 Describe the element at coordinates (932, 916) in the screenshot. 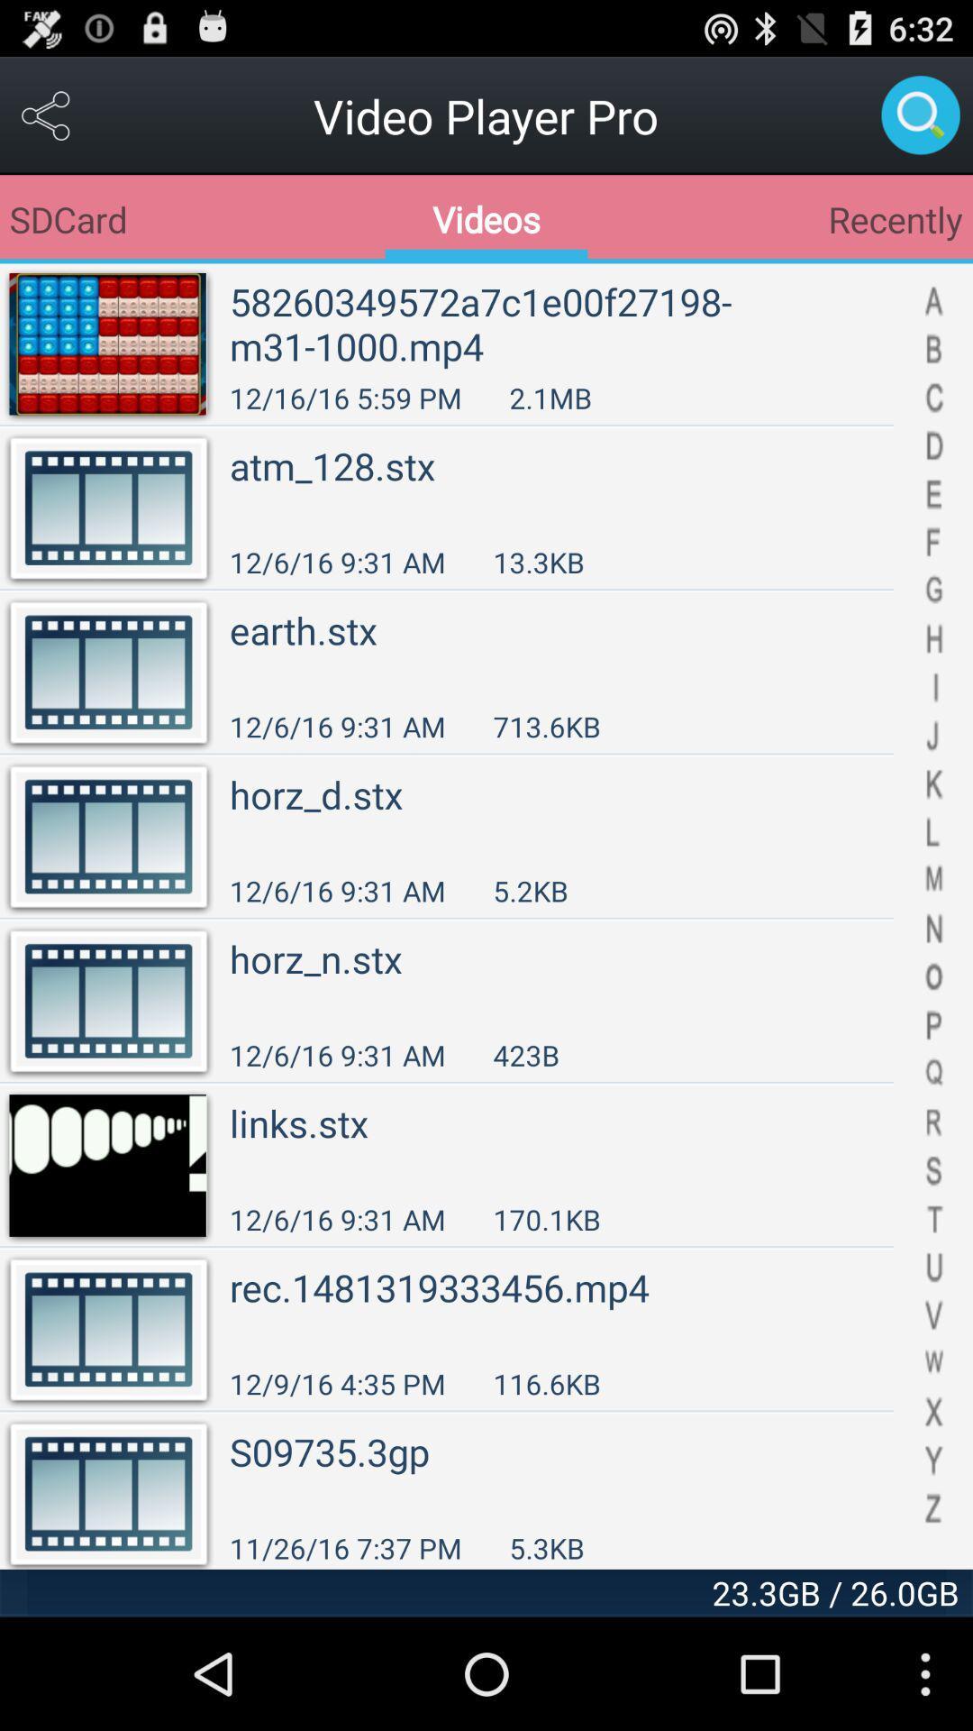

I see `search list` at that location.